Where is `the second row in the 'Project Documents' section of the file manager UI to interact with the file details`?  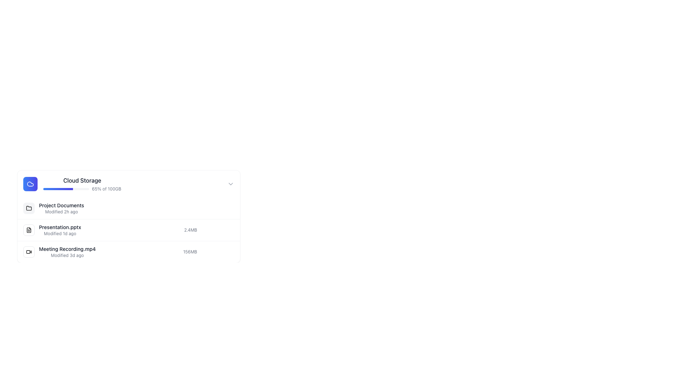
the second row in the 'Project Documents' section of the file manager UI to interact with the file details is located at coordinates (129, 230).